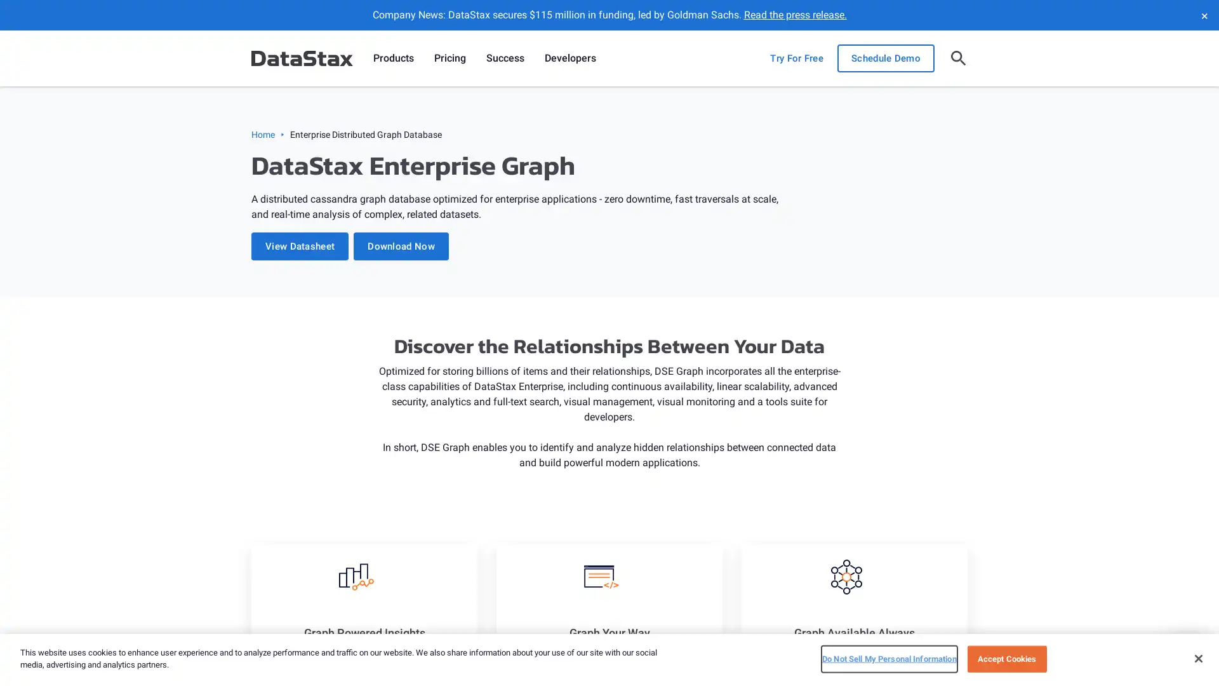  What do you see at coordinates (888, 658) in the screenshot?
I see `Do Not Sell My Personal Information` at bounding box center [888, 658].